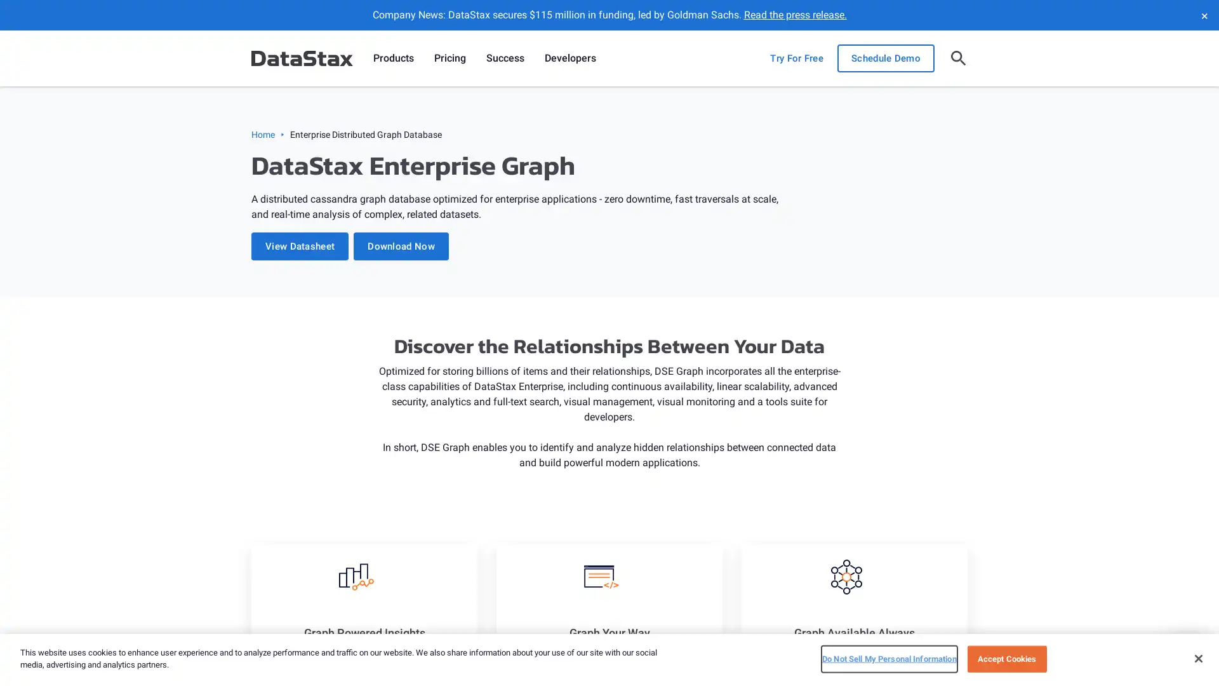  What do you see at coordinates (888, 658) in the screenshot?
I see `Do Not Sell My Personal Information` at bounding box center [888, 658].